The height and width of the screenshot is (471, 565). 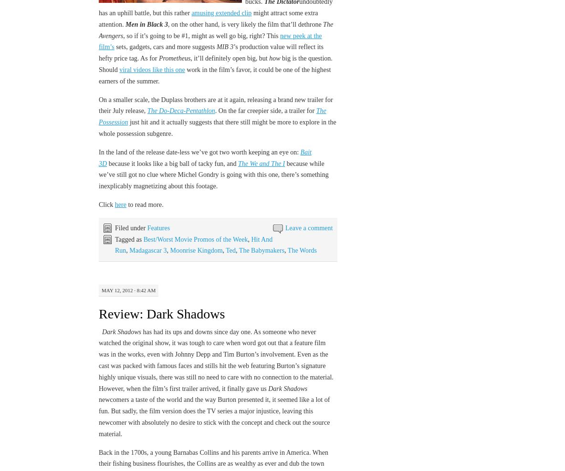 What do you see at coordinates (213, 416) in the screenshot?
I see `'newcomers a taste of the world and the way Burton presented it, it seemed like a lot of fun. But sadly, the film version does the TV series a major injustice, leaving this newcomer with absolutely no desire to stick with the concept and check out the source material.'` at bounding box center [213, 416].